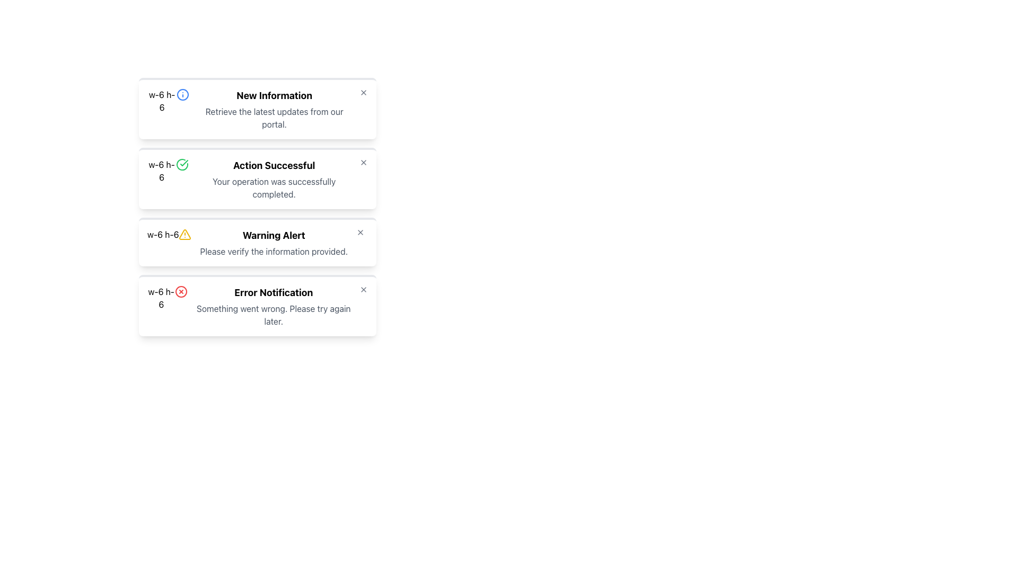 The image size is (1018, 572). I want to click on error message displayed in the Notification Box, which is the fourth notification in the list located at the bottom of the stack, so click(274, 306).